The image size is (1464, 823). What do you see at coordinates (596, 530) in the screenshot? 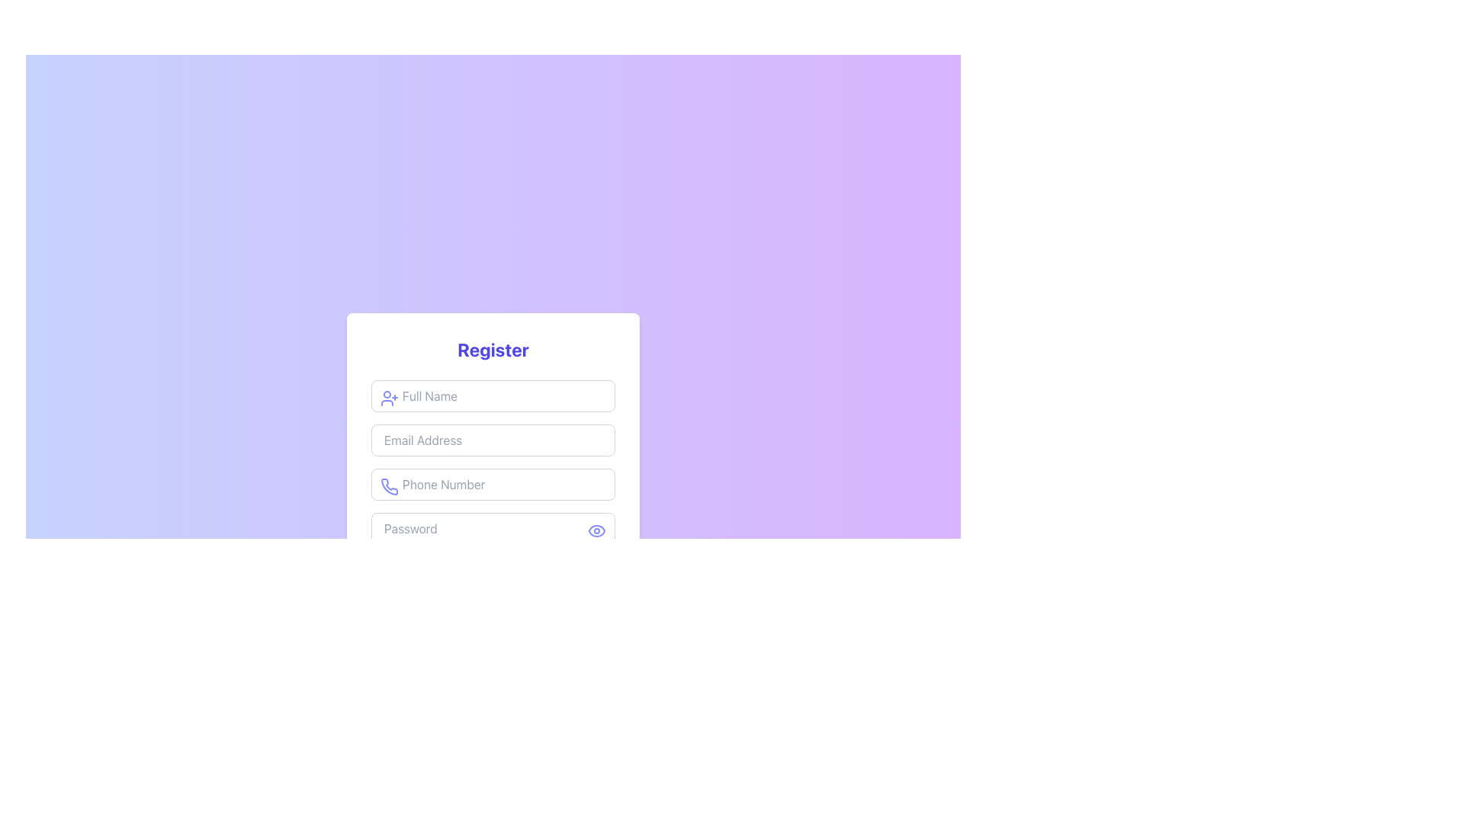
I see `the password visibility toggle icon located to the far right of the password input field` at bounding box center [596, 530].